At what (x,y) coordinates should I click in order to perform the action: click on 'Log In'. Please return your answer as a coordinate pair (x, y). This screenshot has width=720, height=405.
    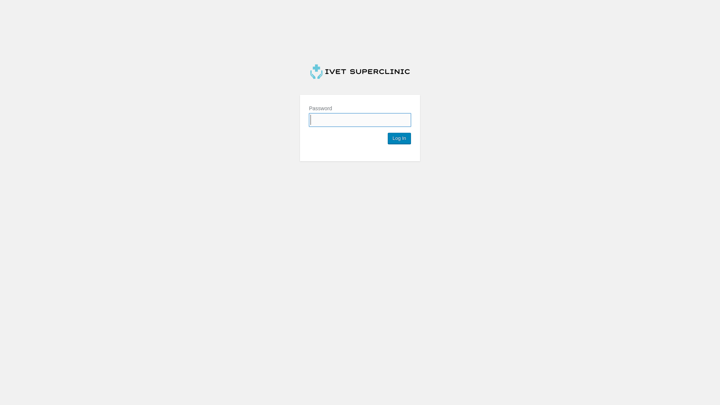
    Looking at the image, I should click on (399, 138).